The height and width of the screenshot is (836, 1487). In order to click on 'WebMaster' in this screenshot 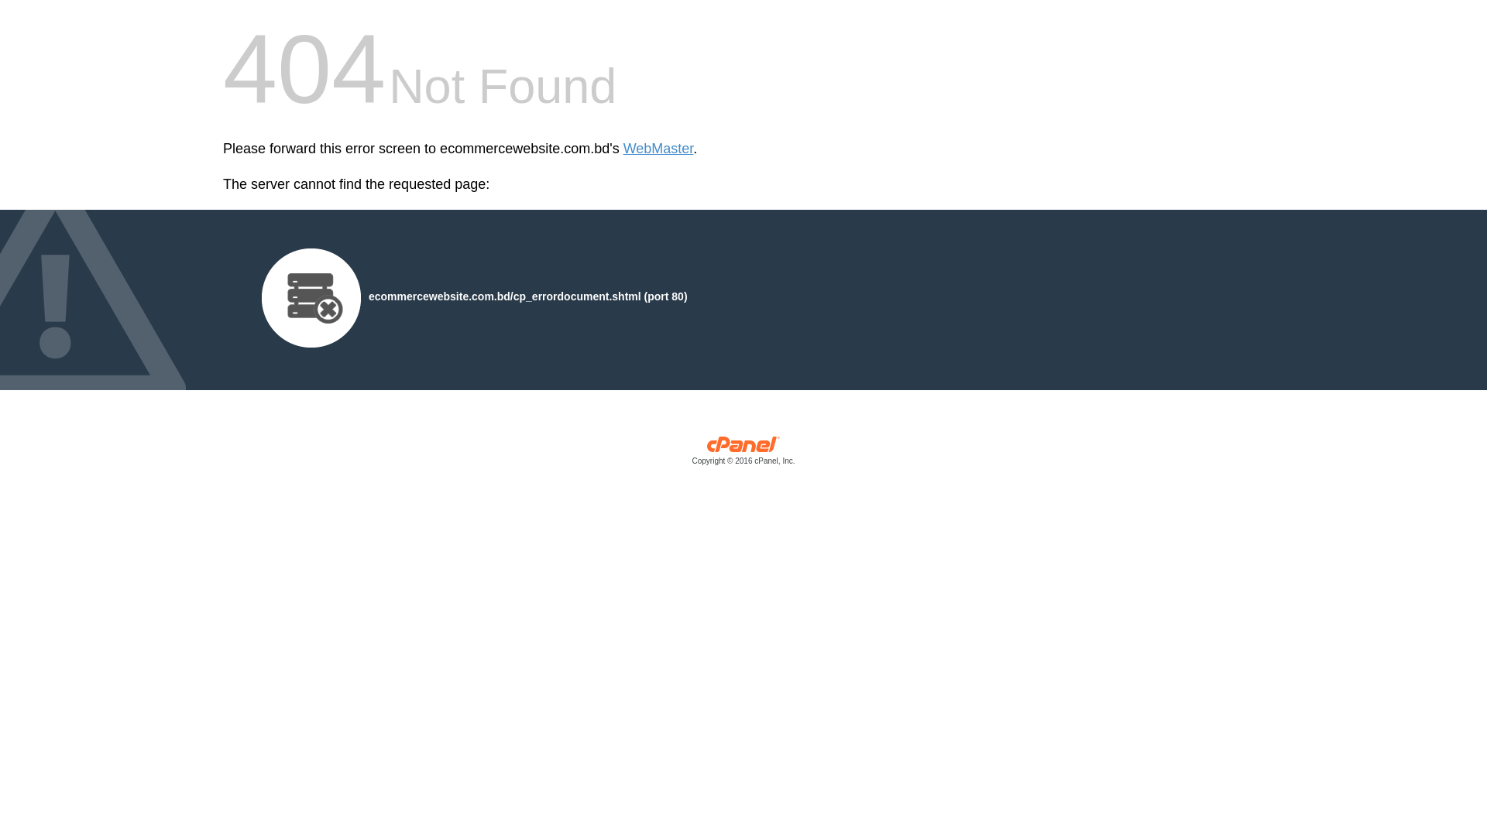, I will do `click(658, 149)`.